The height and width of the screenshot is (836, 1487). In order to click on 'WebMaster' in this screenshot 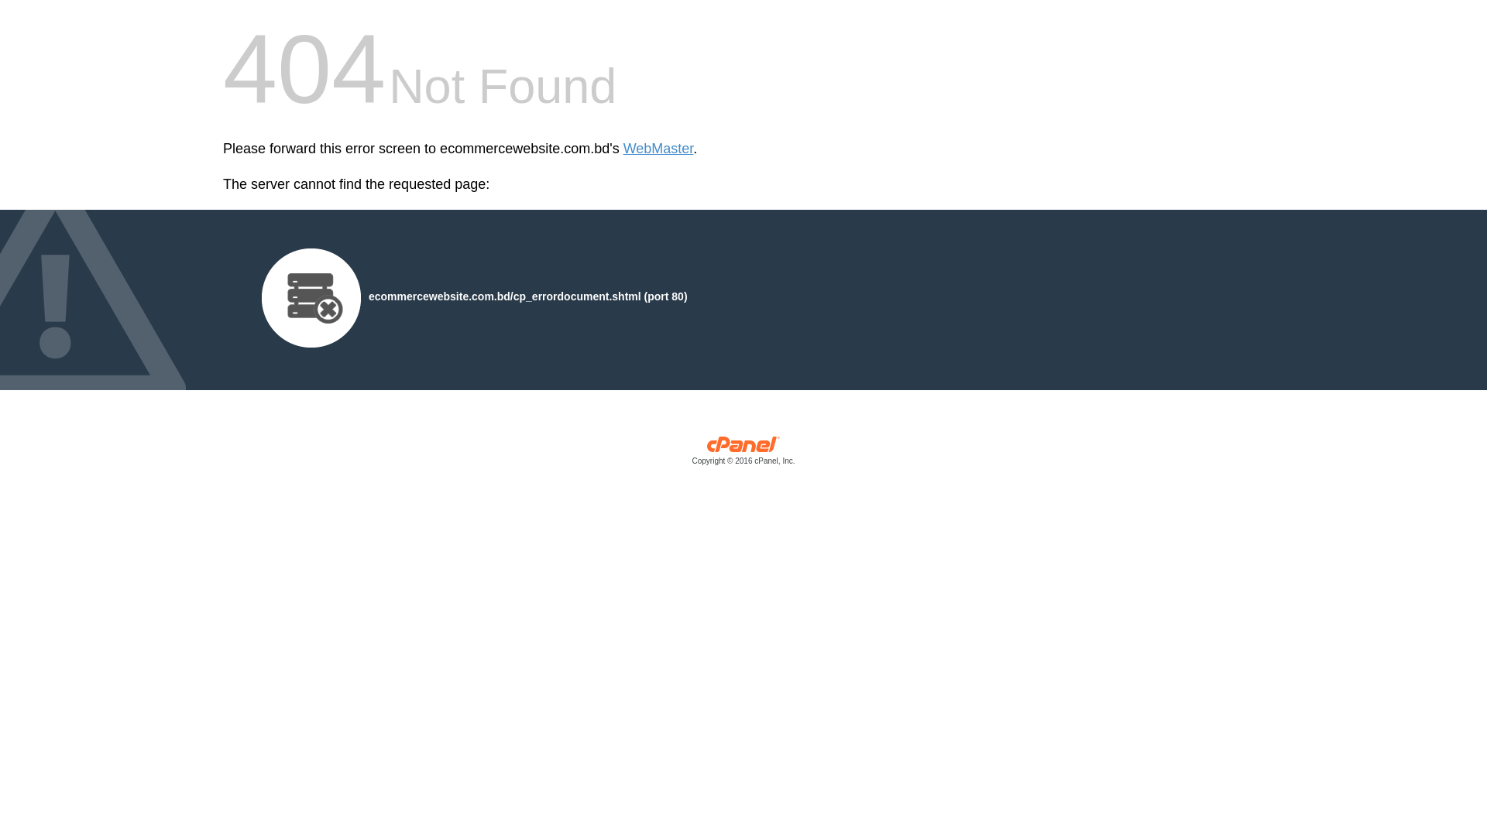, I will do `click(658, 149)`.